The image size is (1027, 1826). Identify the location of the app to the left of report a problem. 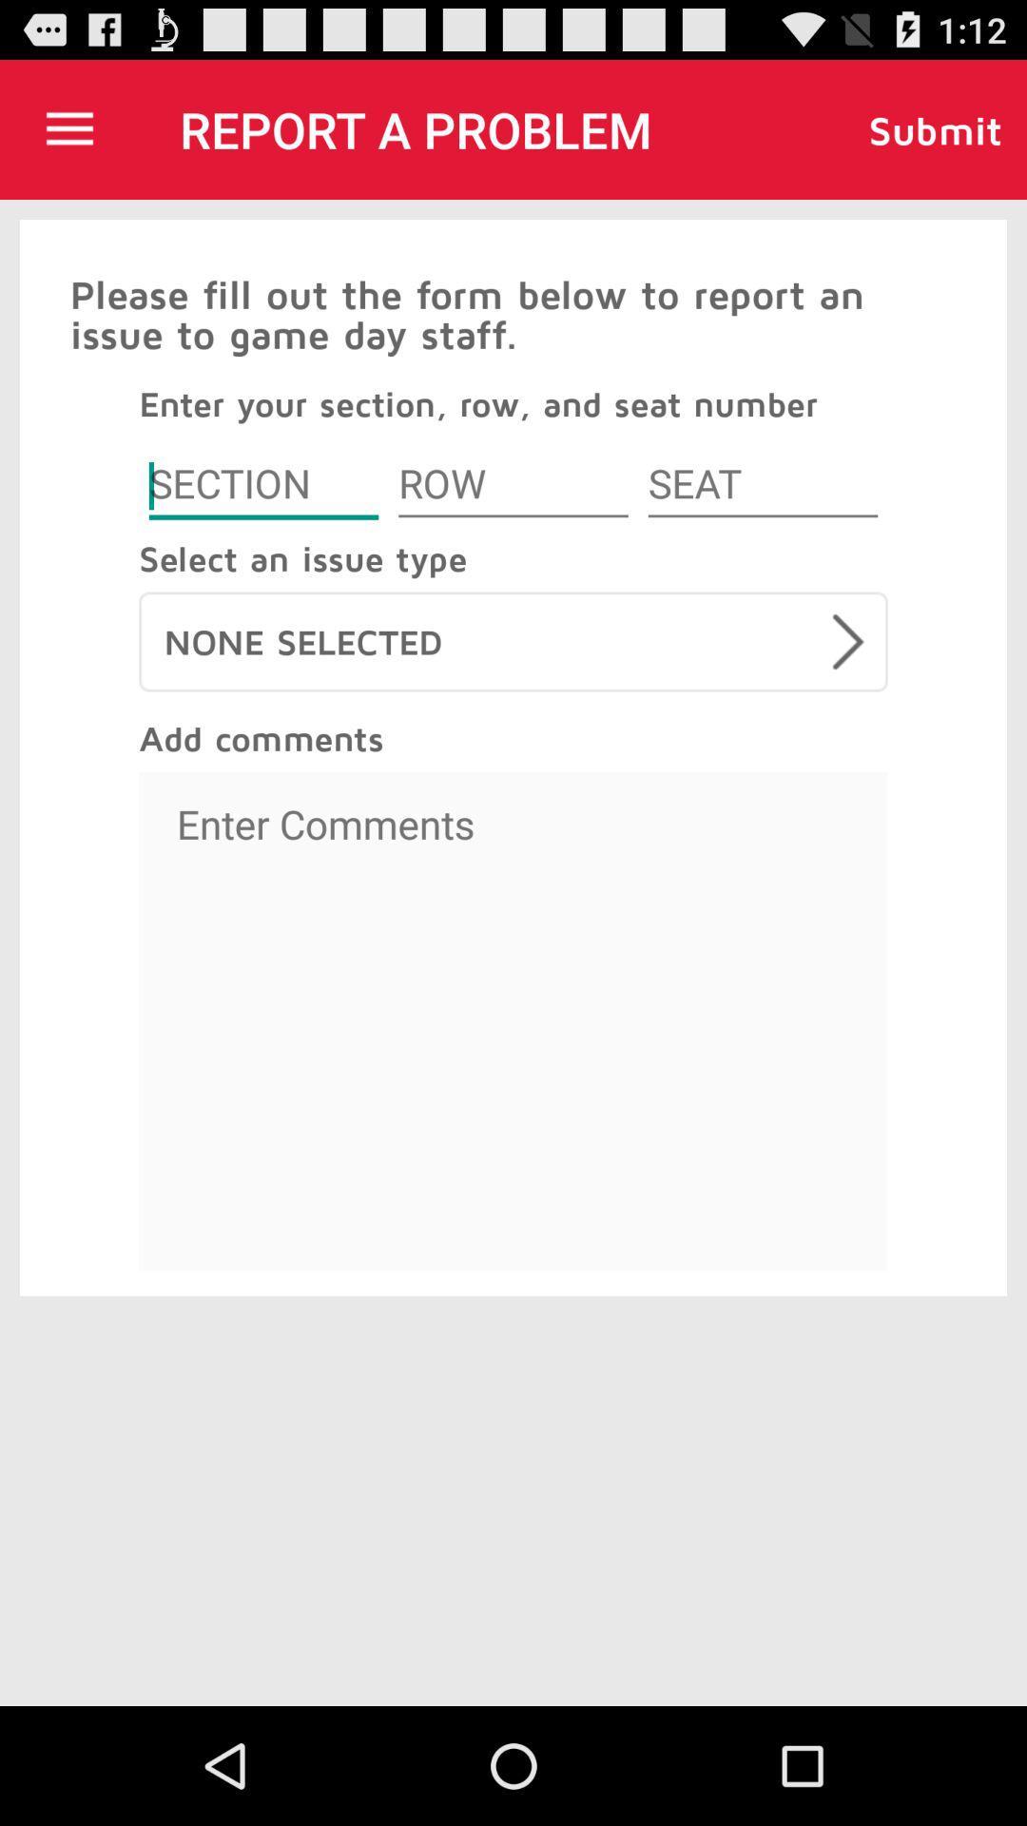
(68, 128).